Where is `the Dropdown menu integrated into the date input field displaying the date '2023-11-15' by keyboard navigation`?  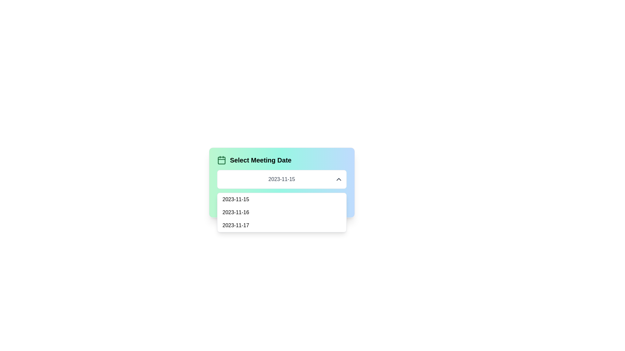
the Dropdown menu integrated into the date input field displaying the date '2023-11-15' by keyboard navigation is located at coordinates (282, 179).